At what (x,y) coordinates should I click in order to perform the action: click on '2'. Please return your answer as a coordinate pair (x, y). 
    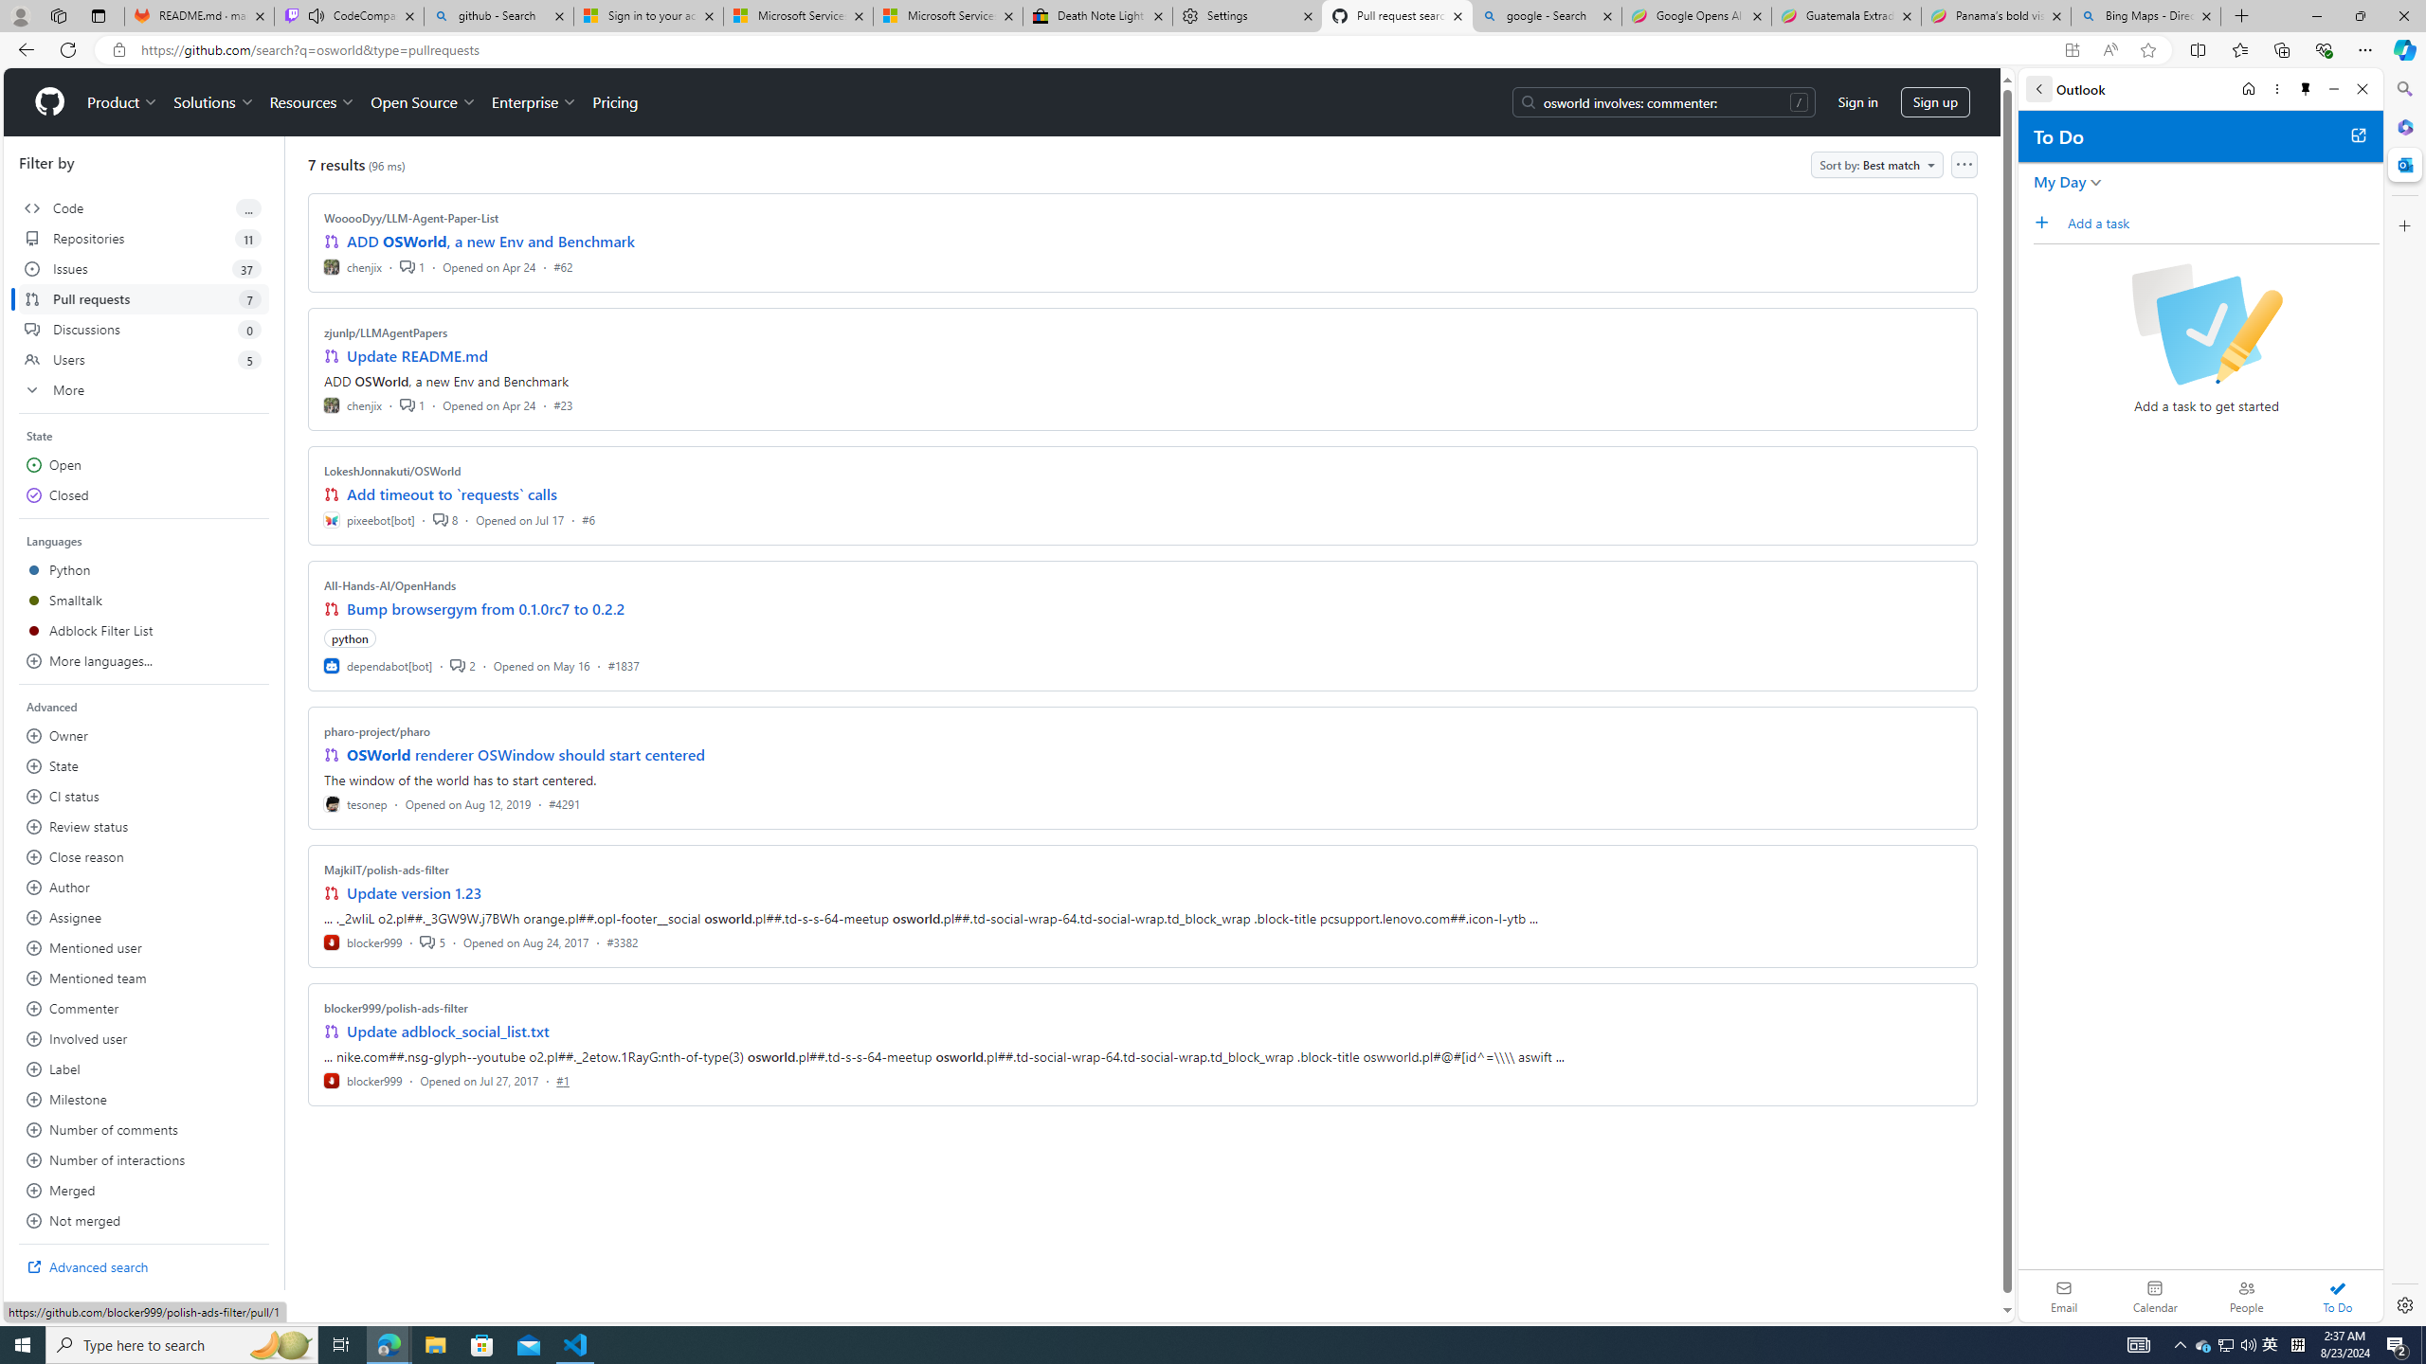
    Looking at the image, I should click on (462, 664).